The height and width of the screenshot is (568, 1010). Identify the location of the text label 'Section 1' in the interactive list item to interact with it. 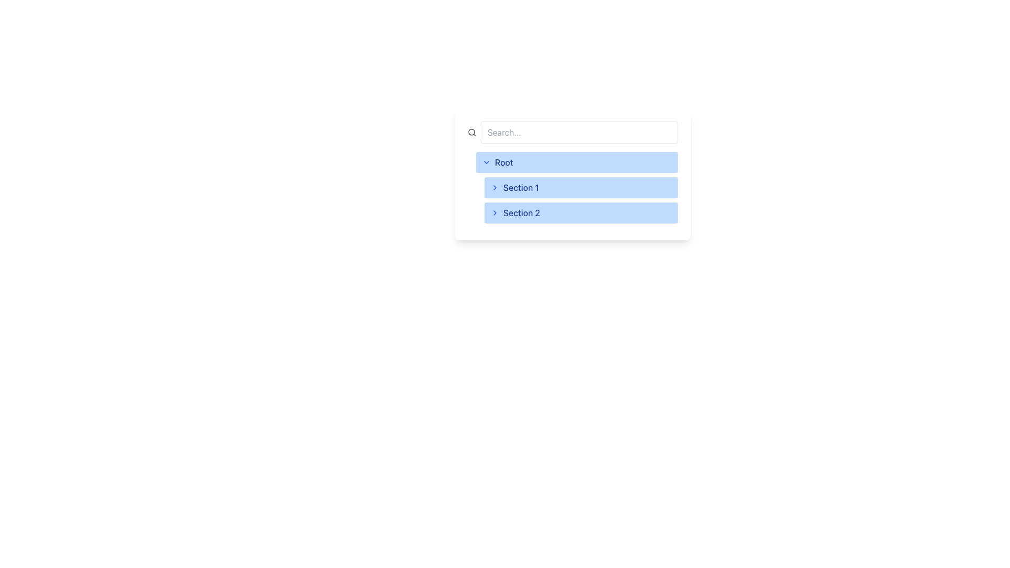
(514, 187).